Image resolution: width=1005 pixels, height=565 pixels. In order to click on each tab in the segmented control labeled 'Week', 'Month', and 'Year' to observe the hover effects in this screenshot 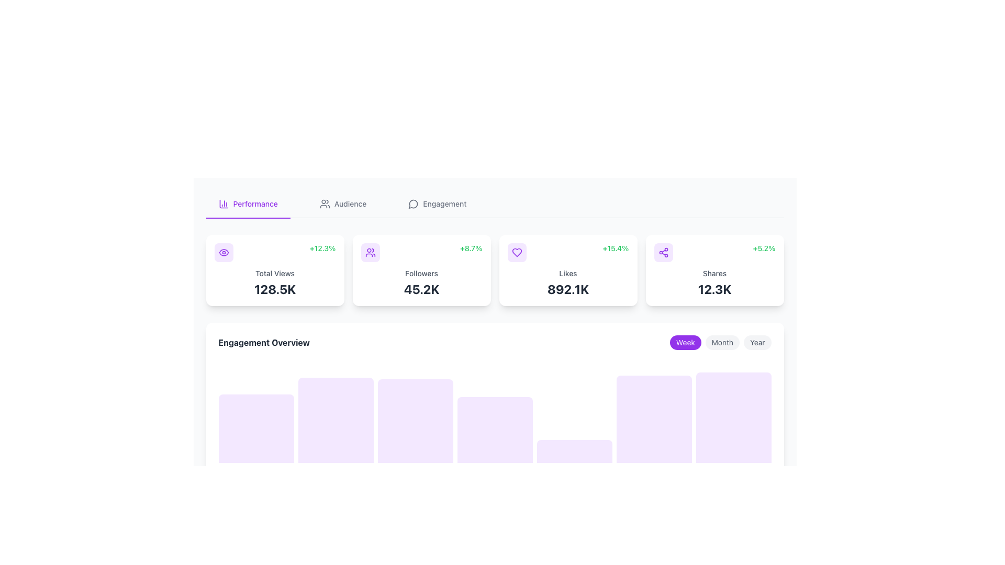, I will do `click(720, 343)`.